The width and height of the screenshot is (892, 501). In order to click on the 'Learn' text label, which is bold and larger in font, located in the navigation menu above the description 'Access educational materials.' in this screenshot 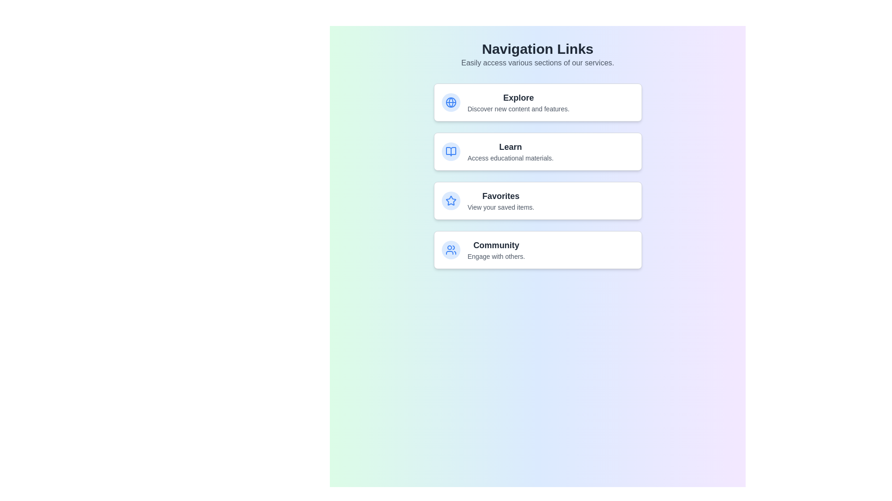, I will do `click(510, 146)`.